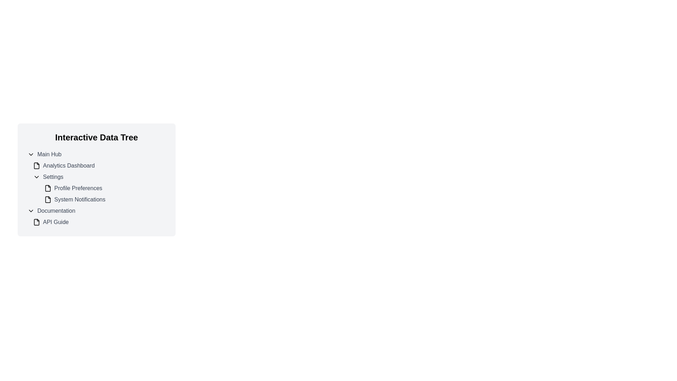 The width and height of the screenshot is (677, 381). I want to click on the 'API Guide' text label, which is styled with a gray font and positioned to the right of a document icon, located at the bottom of the Documentation section, so click(55, 222).